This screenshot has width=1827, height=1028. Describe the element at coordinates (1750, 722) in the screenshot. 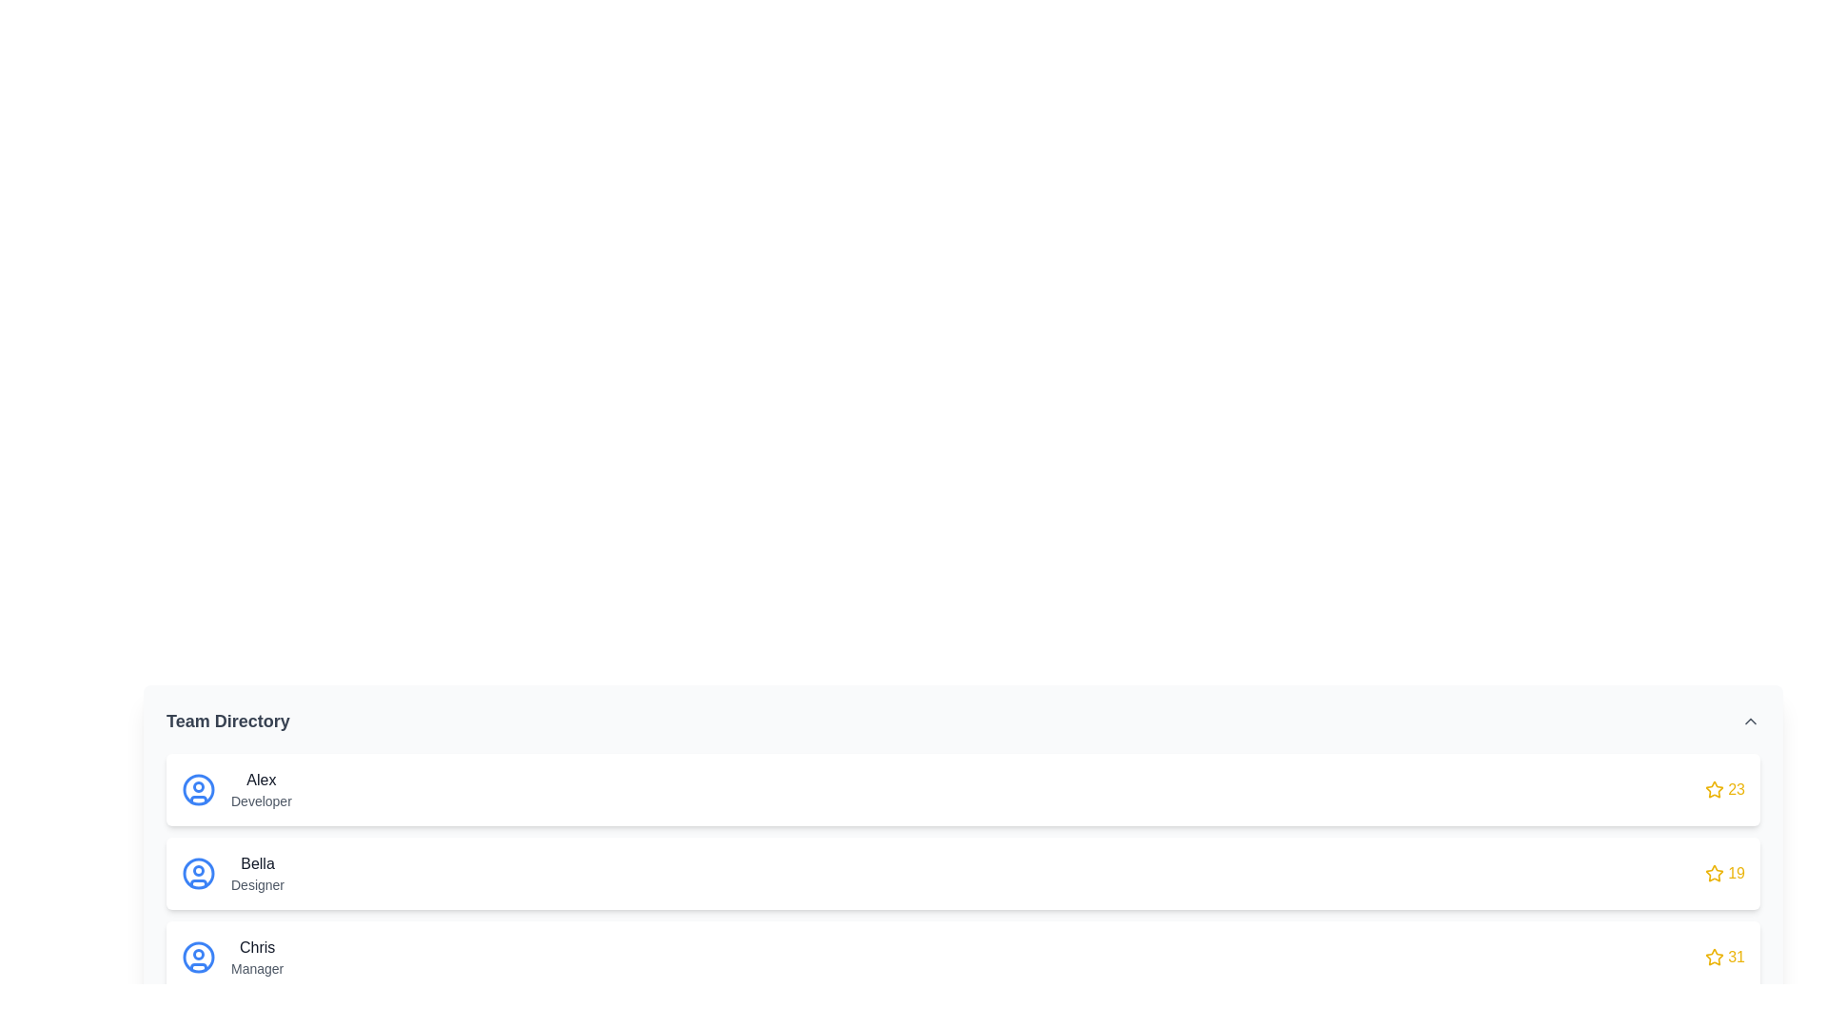

I see `the upward-pointing chevron arrow button located to the far right of the 'Team Directory' header` at that location.